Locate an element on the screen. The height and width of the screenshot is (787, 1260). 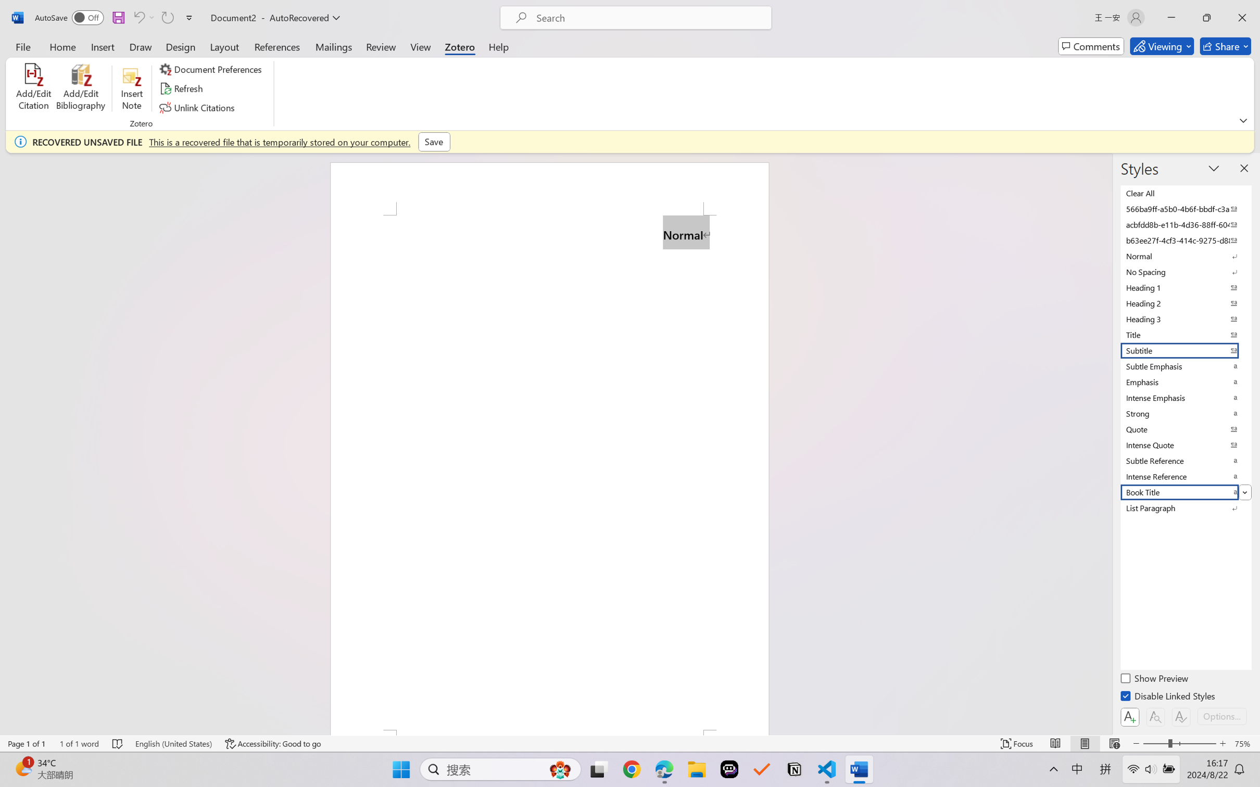
'Subtle Emphasis' is located at coordinates (1185, 366).